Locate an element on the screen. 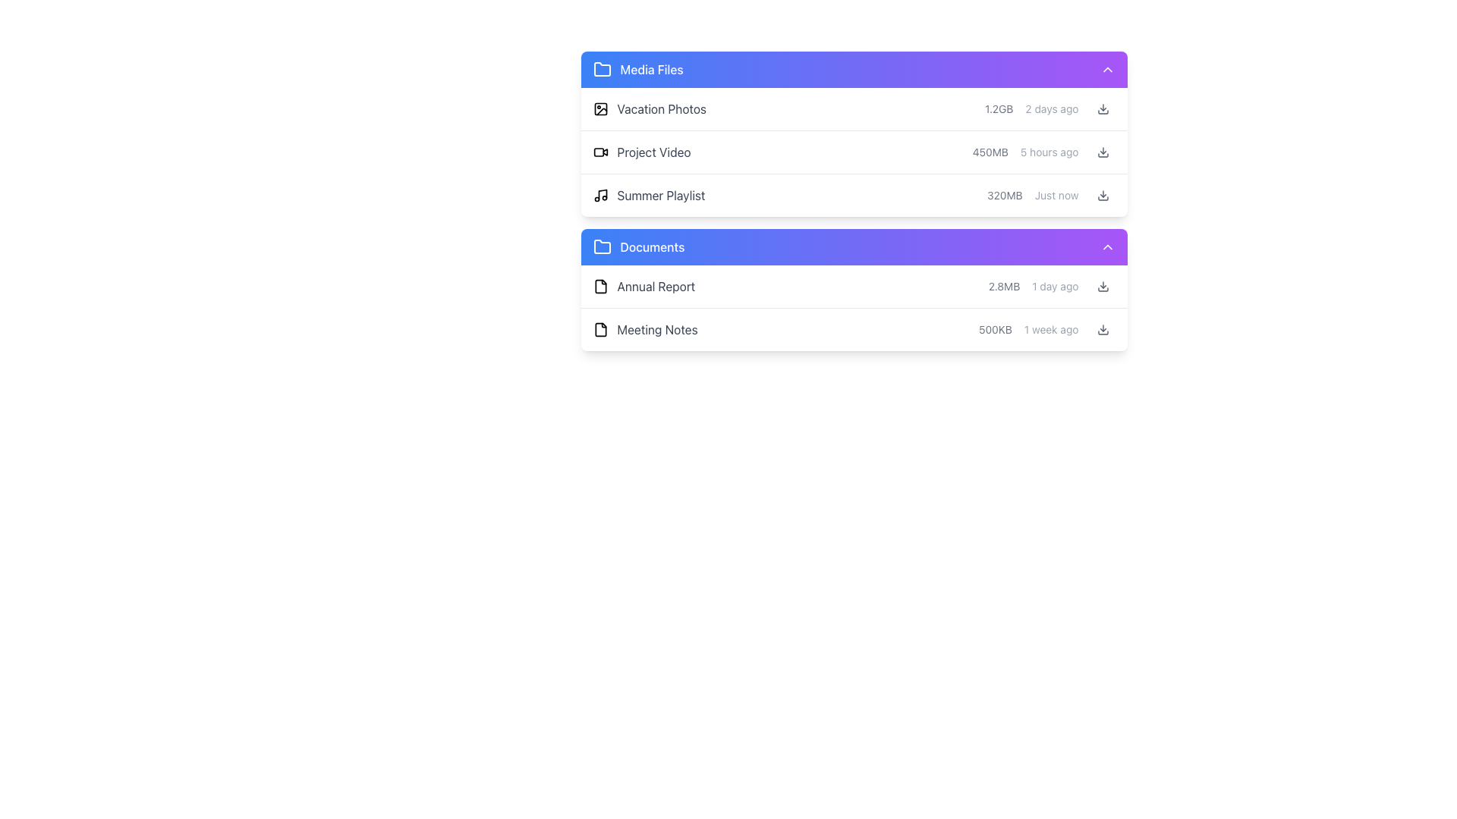  the download button for the 'Annual Report' file located on the far right of its row in the 'Documents' section to initiate the file download is located at coordinates (1103, 287).